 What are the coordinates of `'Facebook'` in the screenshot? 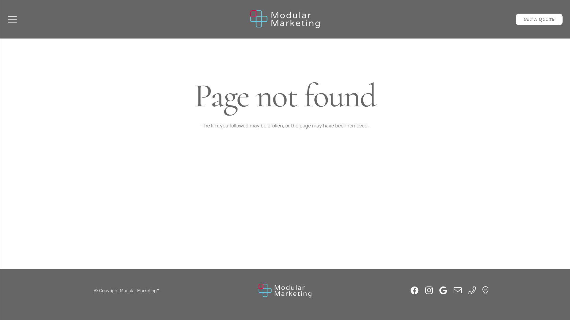 It's located at (414, 290).